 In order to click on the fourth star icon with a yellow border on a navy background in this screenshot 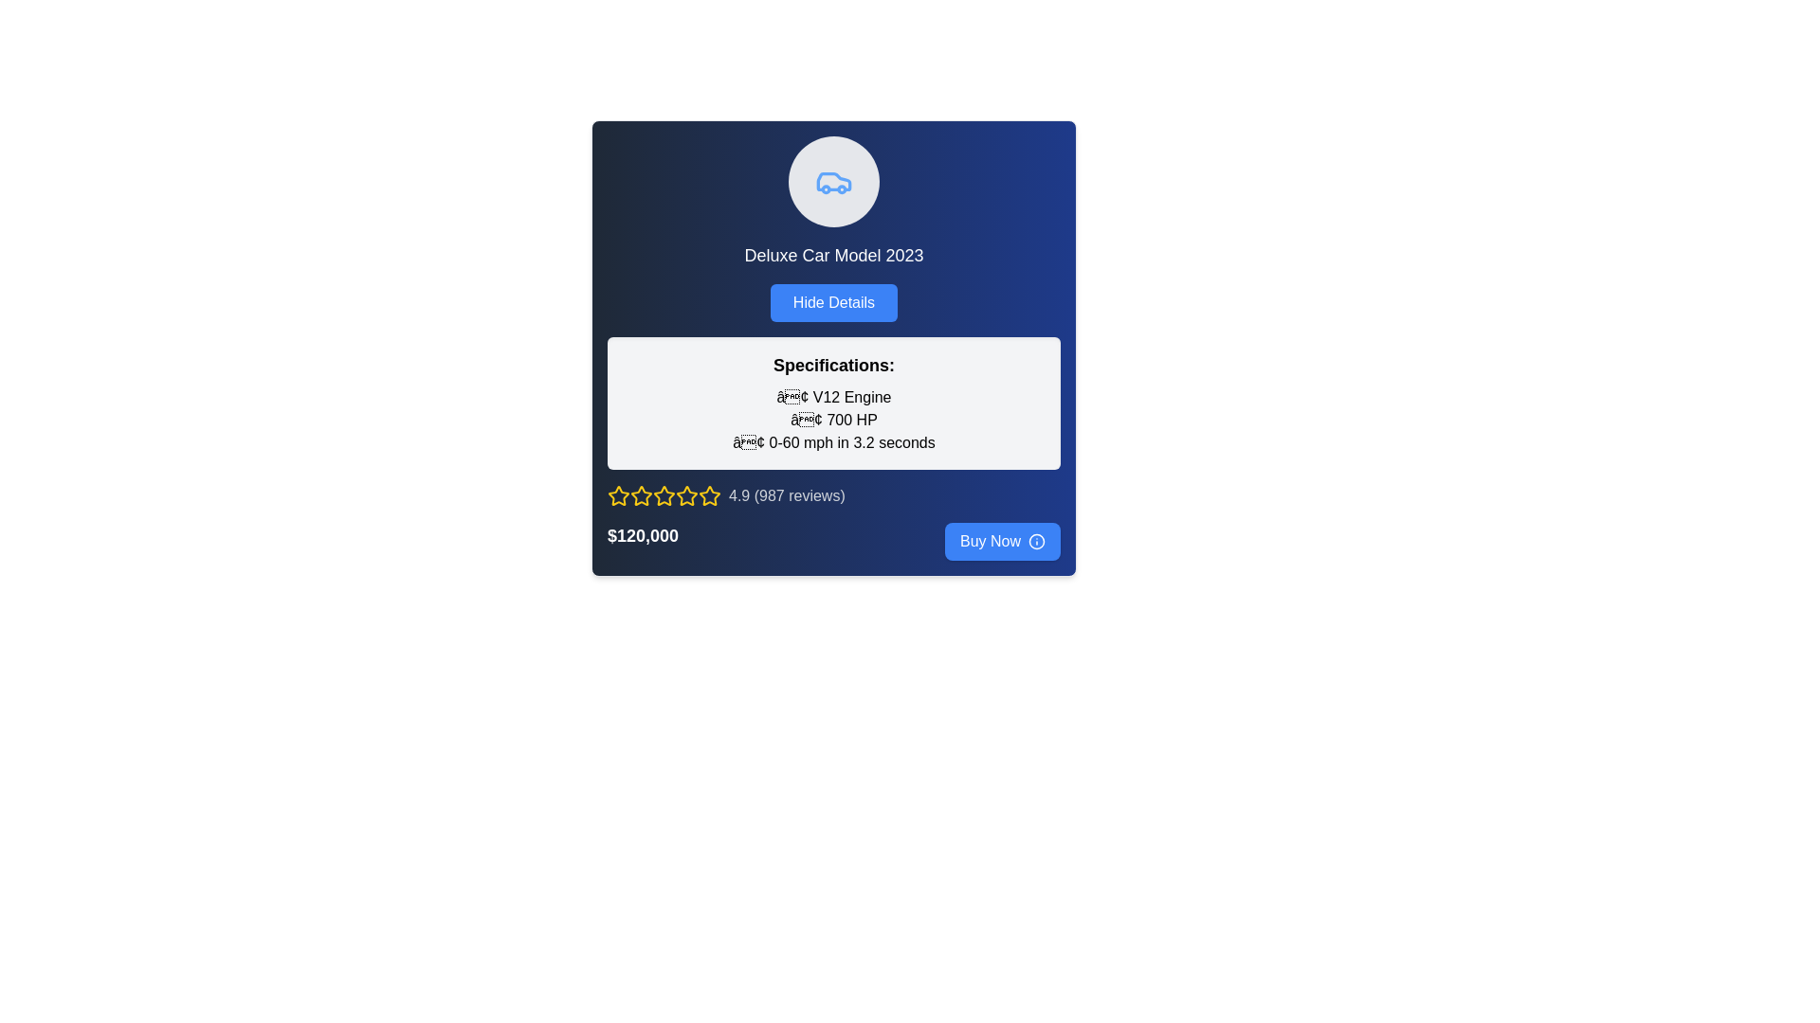, I will do `click(685, 494)`.